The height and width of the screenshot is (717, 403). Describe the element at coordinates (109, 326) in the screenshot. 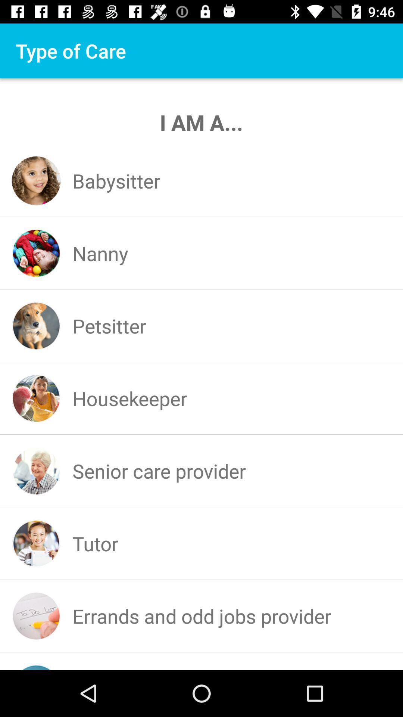

I see `item above the housekeeper` at that location.